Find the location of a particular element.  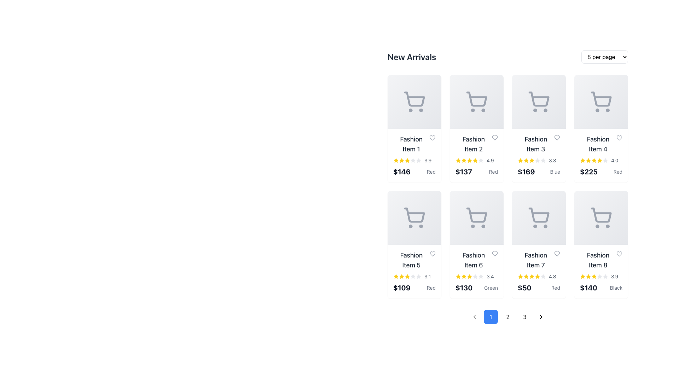

the circular blue button with the white text '1' in the pagination bar at the bottom center of the interface is located at coordinates (490, 316).